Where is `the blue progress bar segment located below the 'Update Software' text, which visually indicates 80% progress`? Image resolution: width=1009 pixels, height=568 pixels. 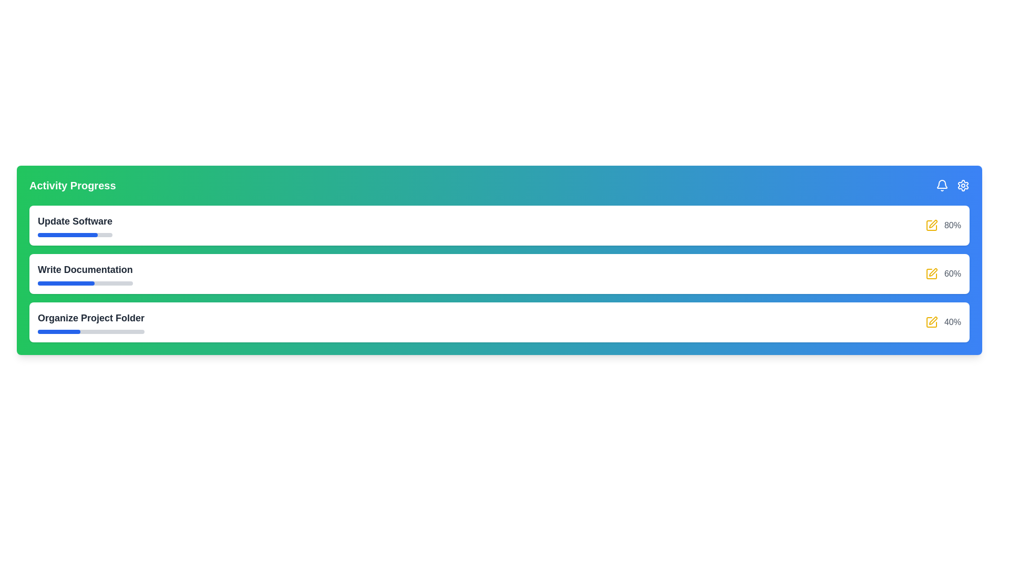 the blue progress bar segment located below the 'Update Software' text, which visually indicates 80% progress is located at coordinates (67, 235).